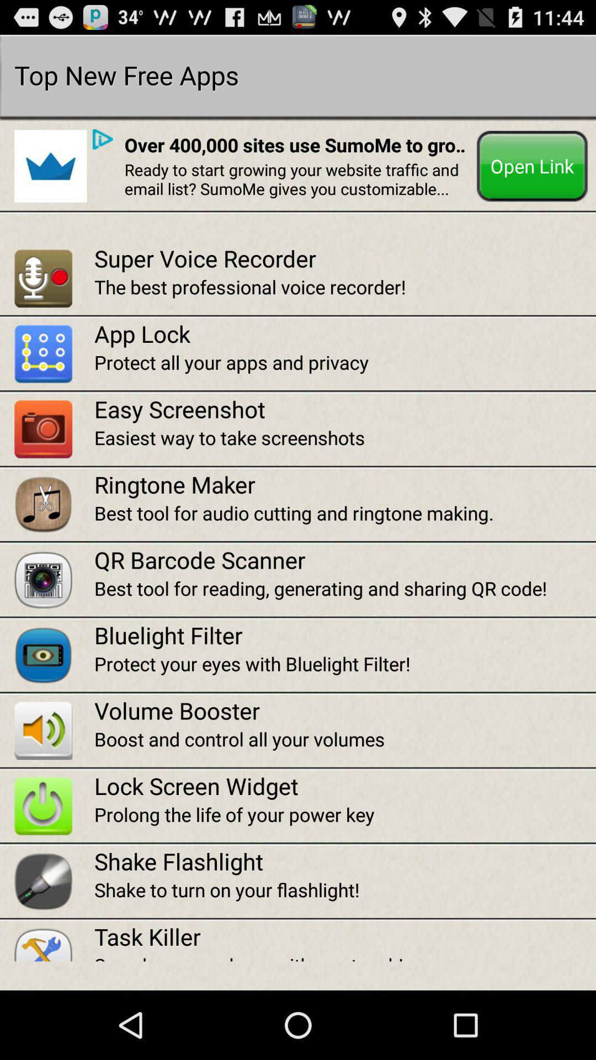 This screenshot has width=596, height=1060. What do you see at coordinates (344, 785) in the screenshot?
I see `the lock screen widget` at bounding box center [344, 785].